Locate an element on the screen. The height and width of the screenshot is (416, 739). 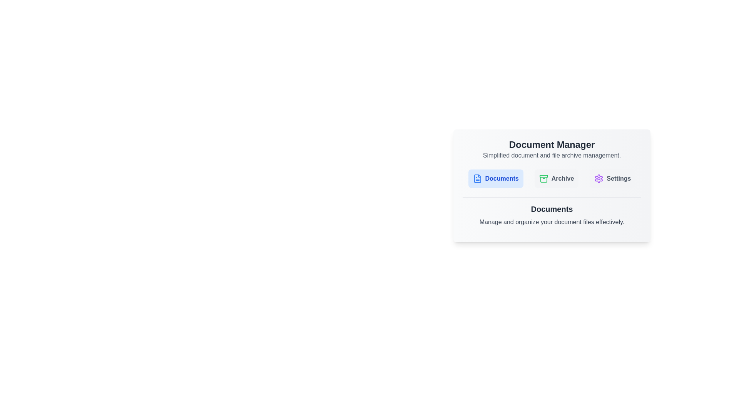
the Documents tab by clicking its corresponding button is located at coordinates (496, 178).